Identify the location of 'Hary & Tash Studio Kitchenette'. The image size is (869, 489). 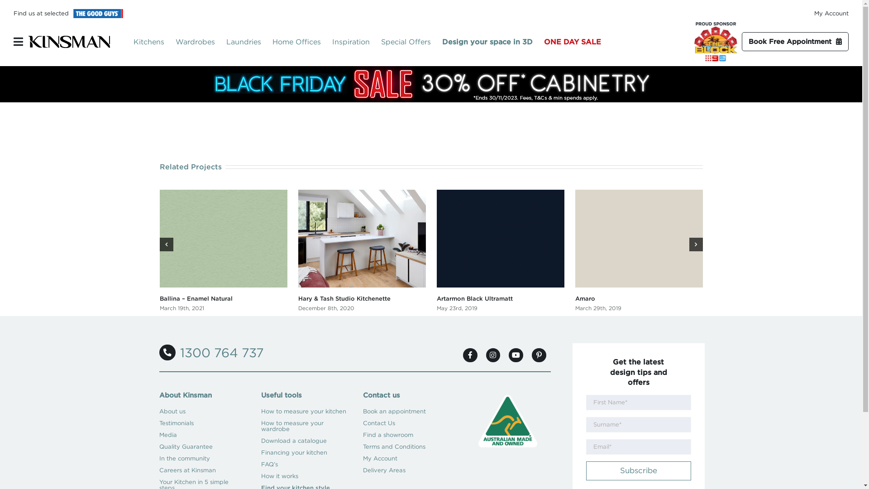
(343, 298).